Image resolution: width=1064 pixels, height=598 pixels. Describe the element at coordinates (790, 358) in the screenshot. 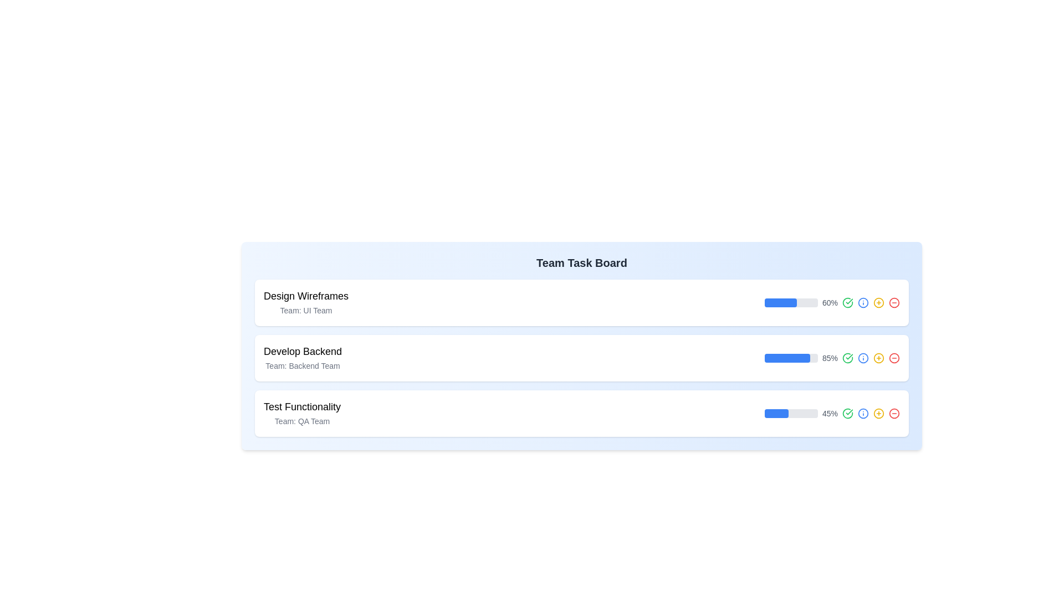

I see `the progress bar in the middle row labeled 'Develop Backend', which indicates a filled percentage of 85%` at that location.